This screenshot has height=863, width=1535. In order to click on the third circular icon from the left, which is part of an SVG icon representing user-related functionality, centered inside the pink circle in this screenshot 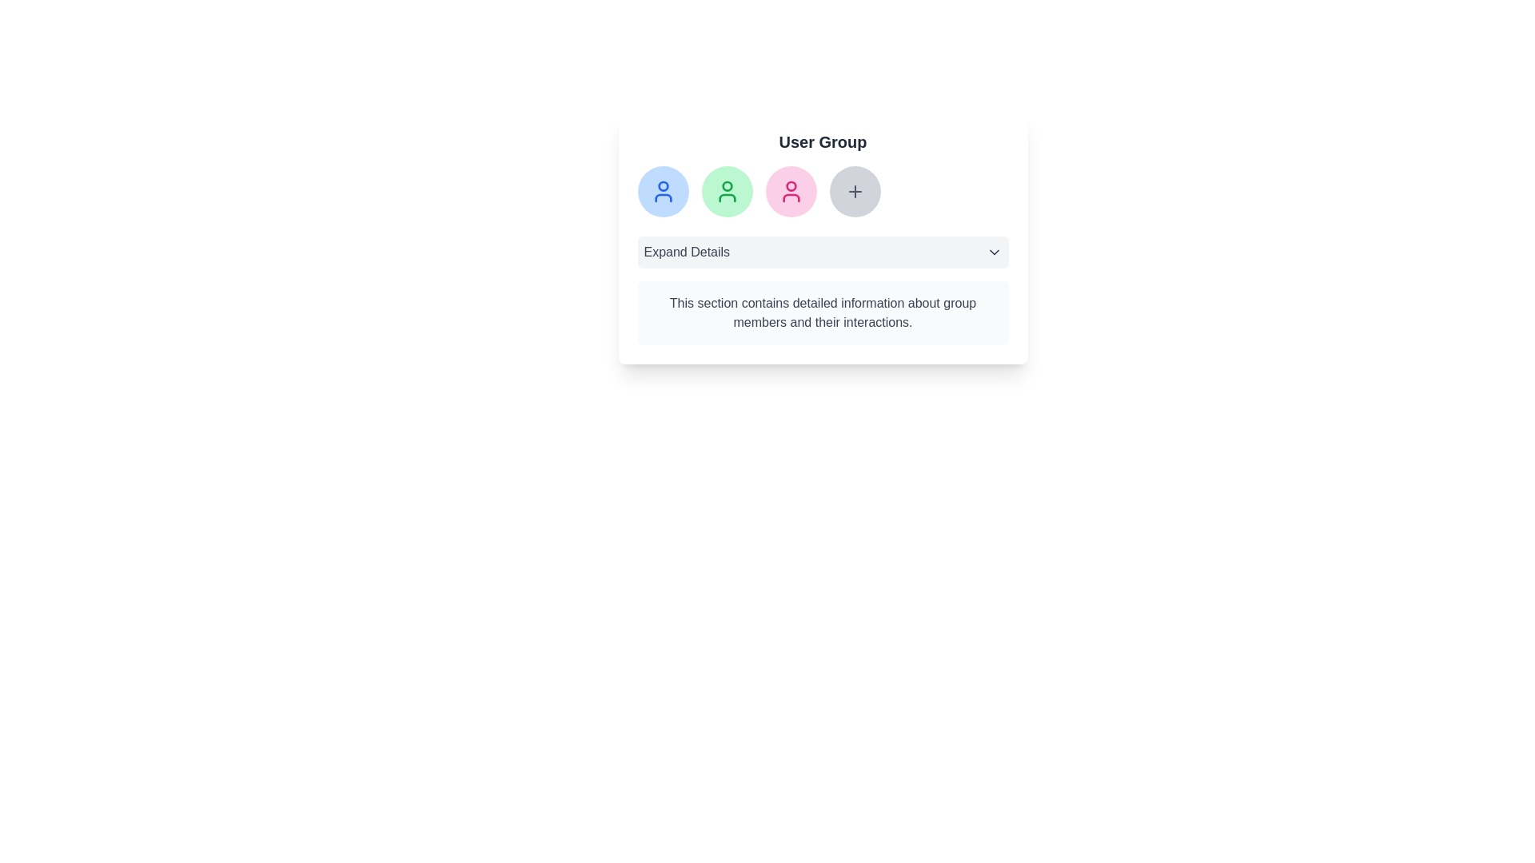, I will do `click(791, 197)`.